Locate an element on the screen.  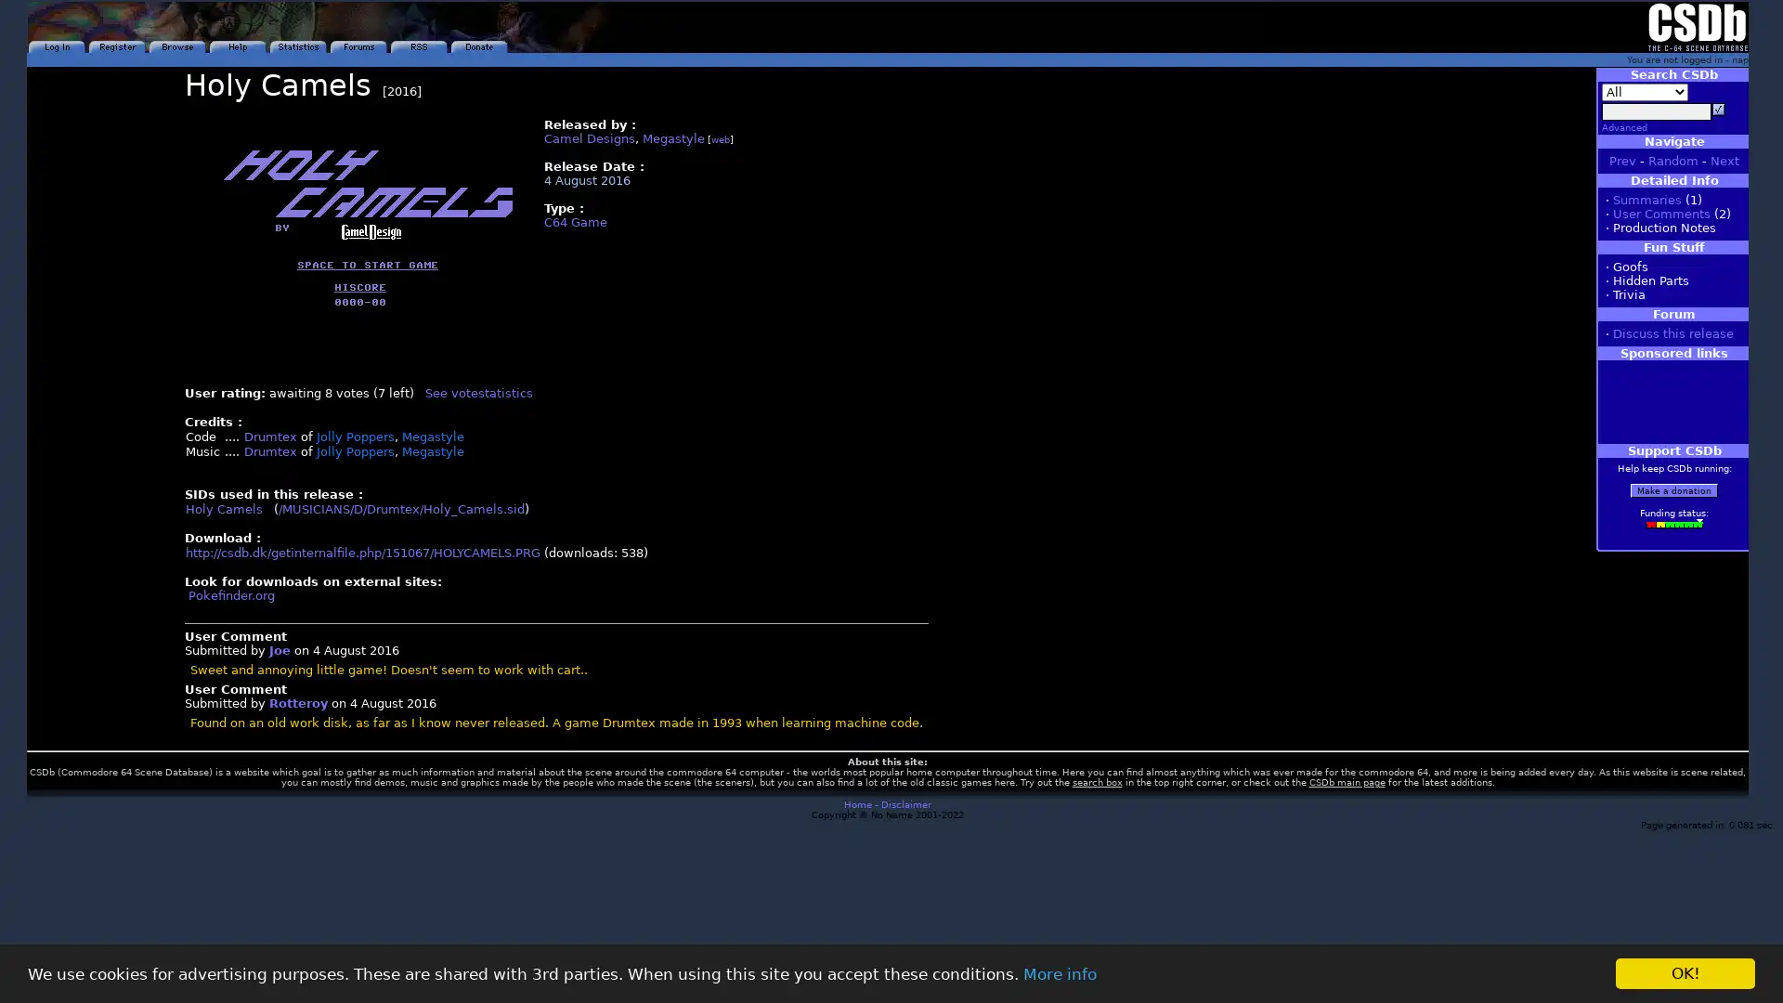
Go is located at coordinates (1718, 110).